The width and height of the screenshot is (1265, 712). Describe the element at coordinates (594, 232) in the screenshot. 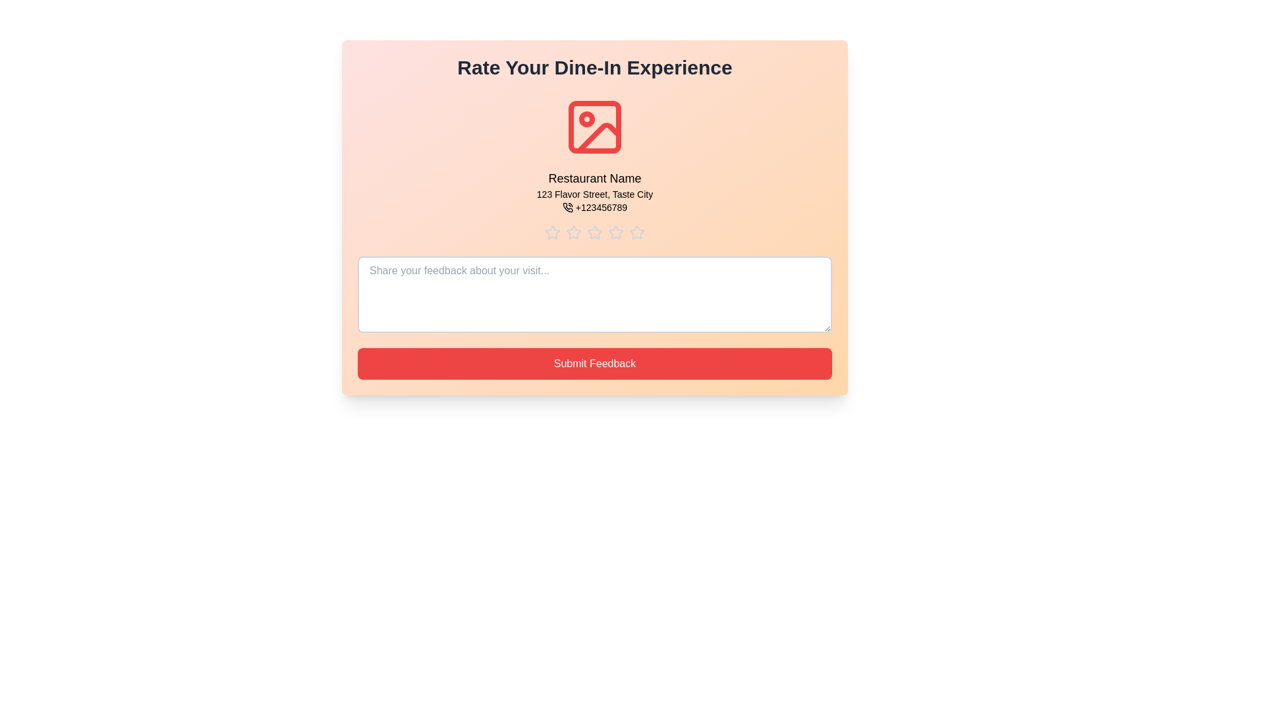

I see `the star corresponding to 3 stars to preview the rating` at that location.